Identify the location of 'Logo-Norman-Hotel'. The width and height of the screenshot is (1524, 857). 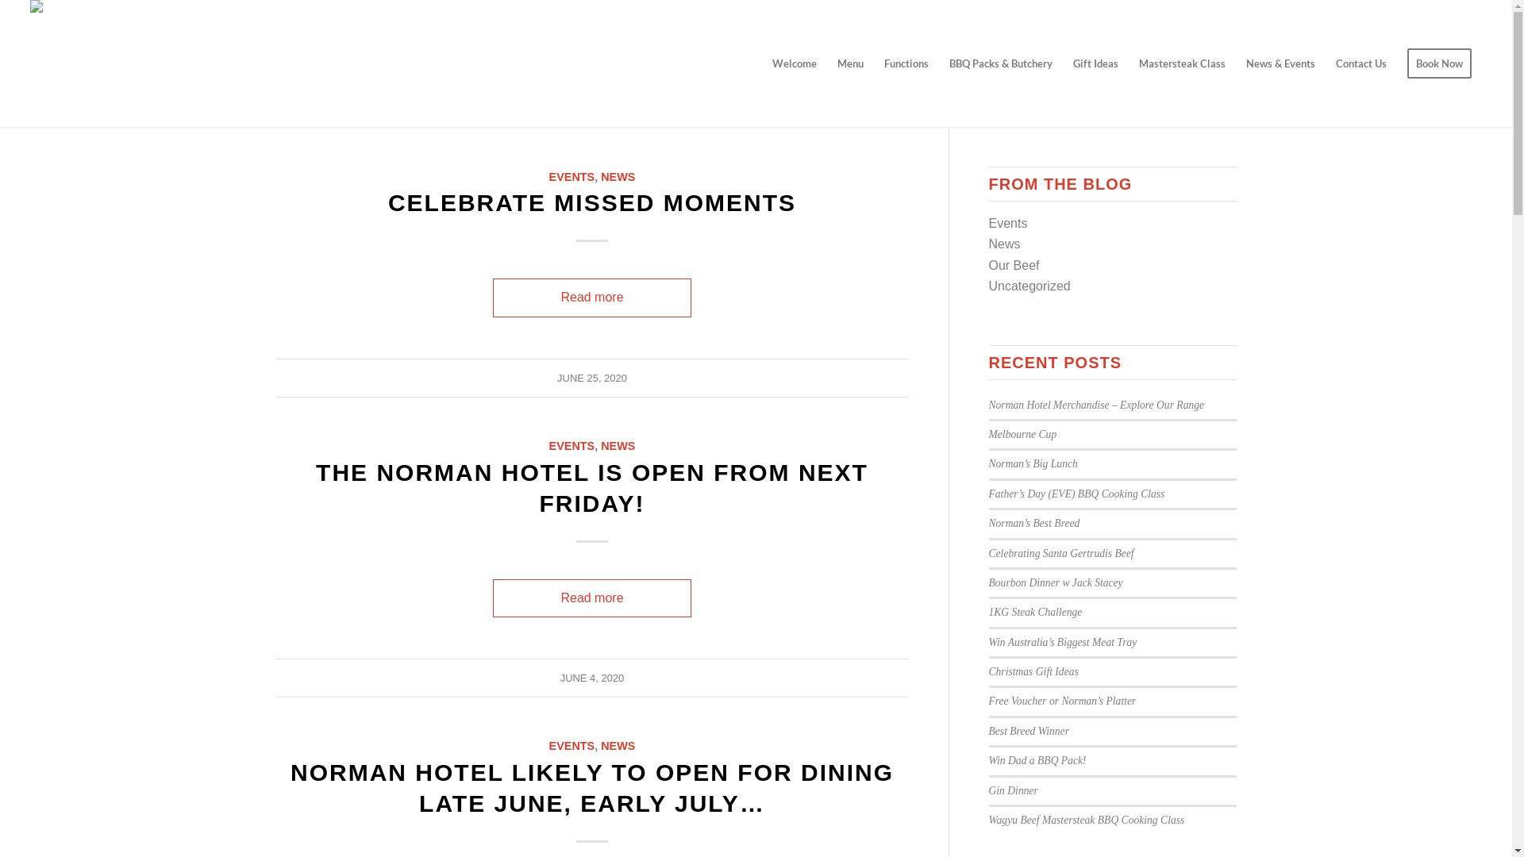
(87, 63).